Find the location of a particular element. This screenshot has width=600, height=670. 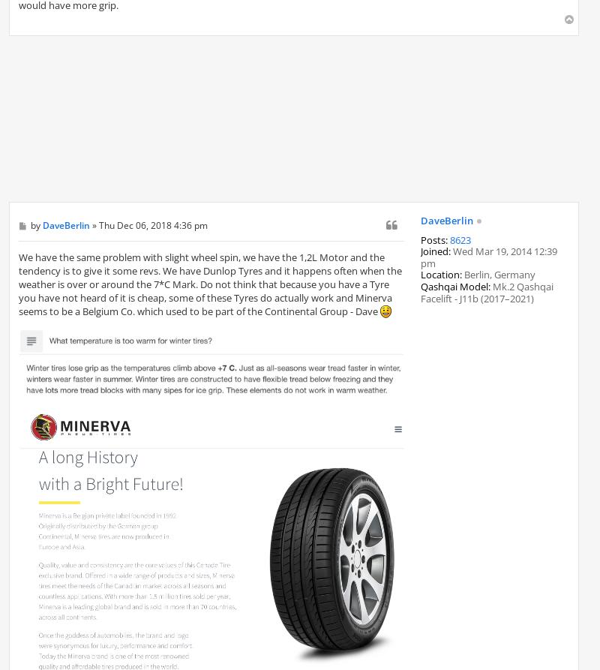

'by' is located at coordinates (29, 225).